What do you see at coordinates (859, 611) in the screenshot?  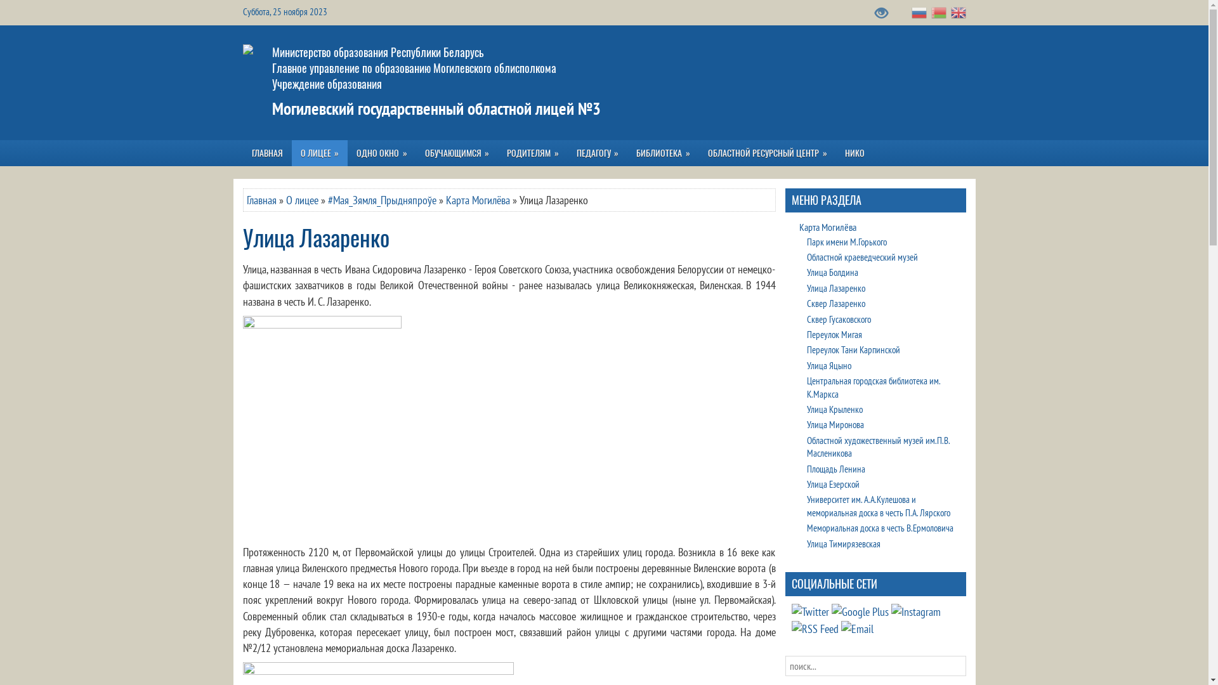 I see `'Youtube'` at bounding box center [859, 611].